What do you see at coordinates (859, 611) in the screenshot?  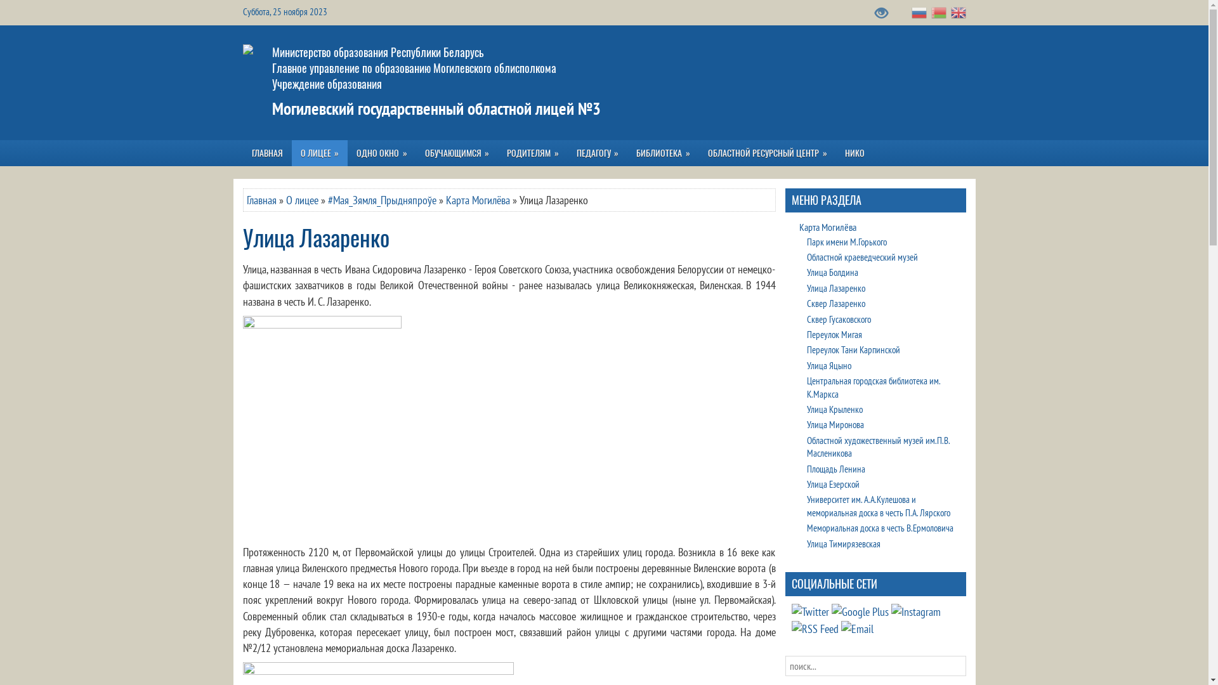 I see `'Youtube'` at bounding box center [859, 611].